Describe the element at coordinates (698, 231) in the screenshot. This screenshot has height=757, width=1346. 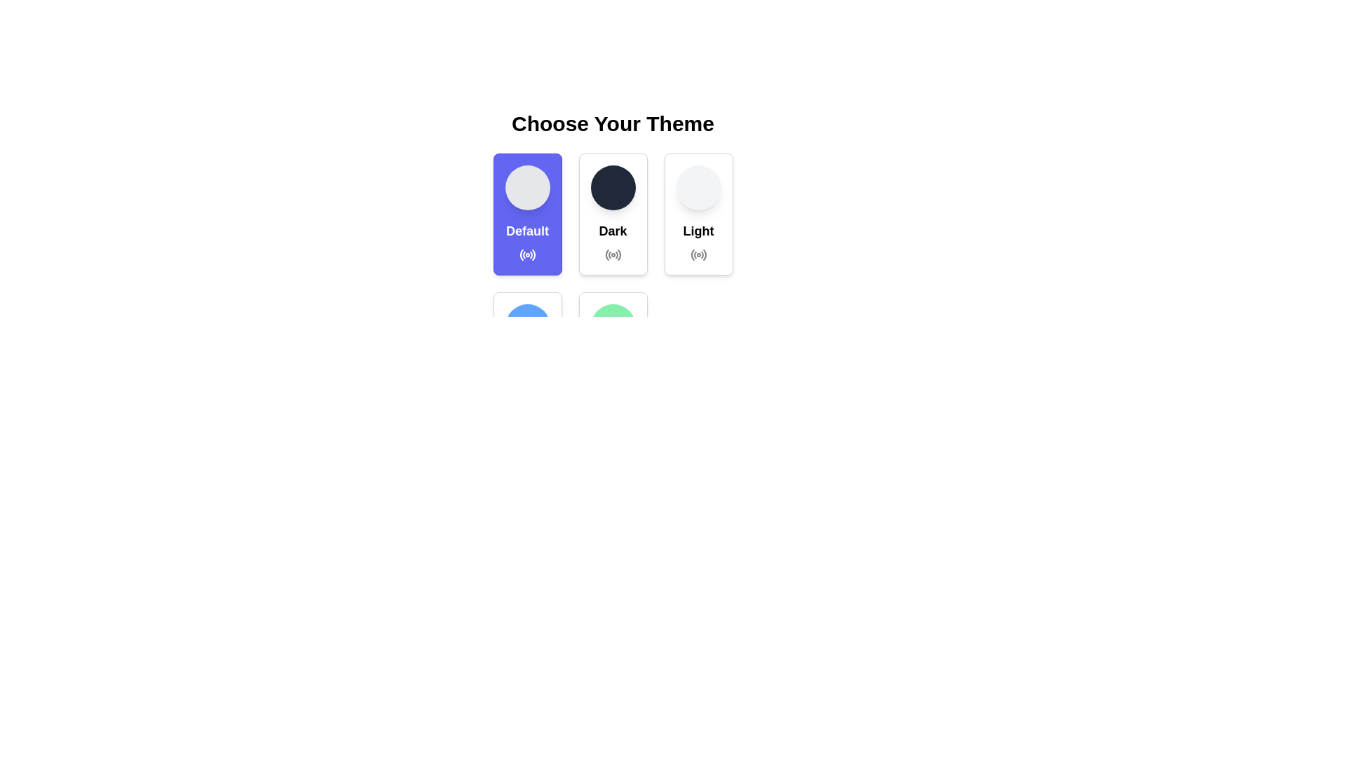
I see `the 'Light' theme option text label located in the third card of the top row in the theme selection grid` at that location.